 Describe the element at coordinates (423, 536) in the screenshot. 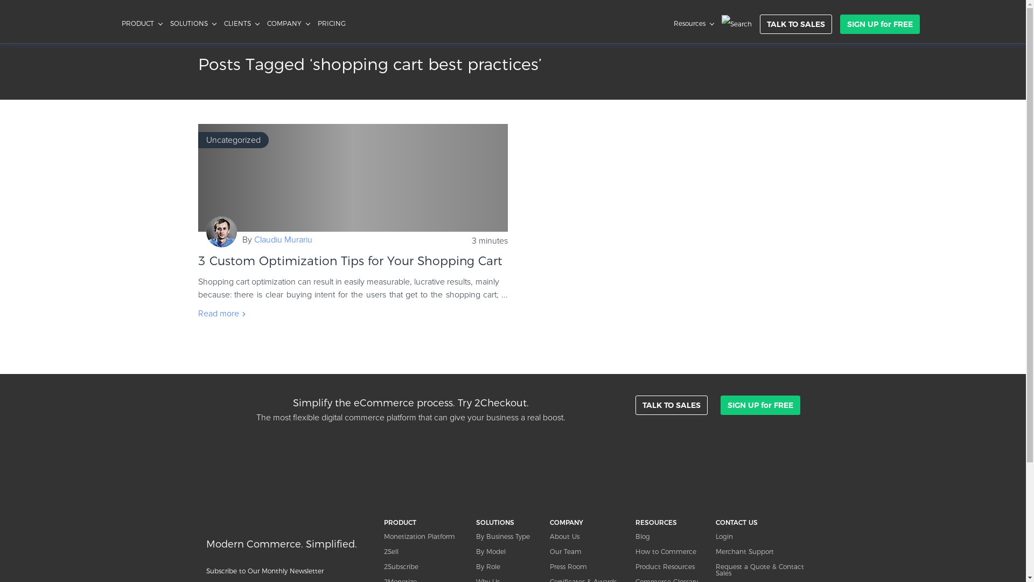

I see `'Monetization Platform'` at that location.